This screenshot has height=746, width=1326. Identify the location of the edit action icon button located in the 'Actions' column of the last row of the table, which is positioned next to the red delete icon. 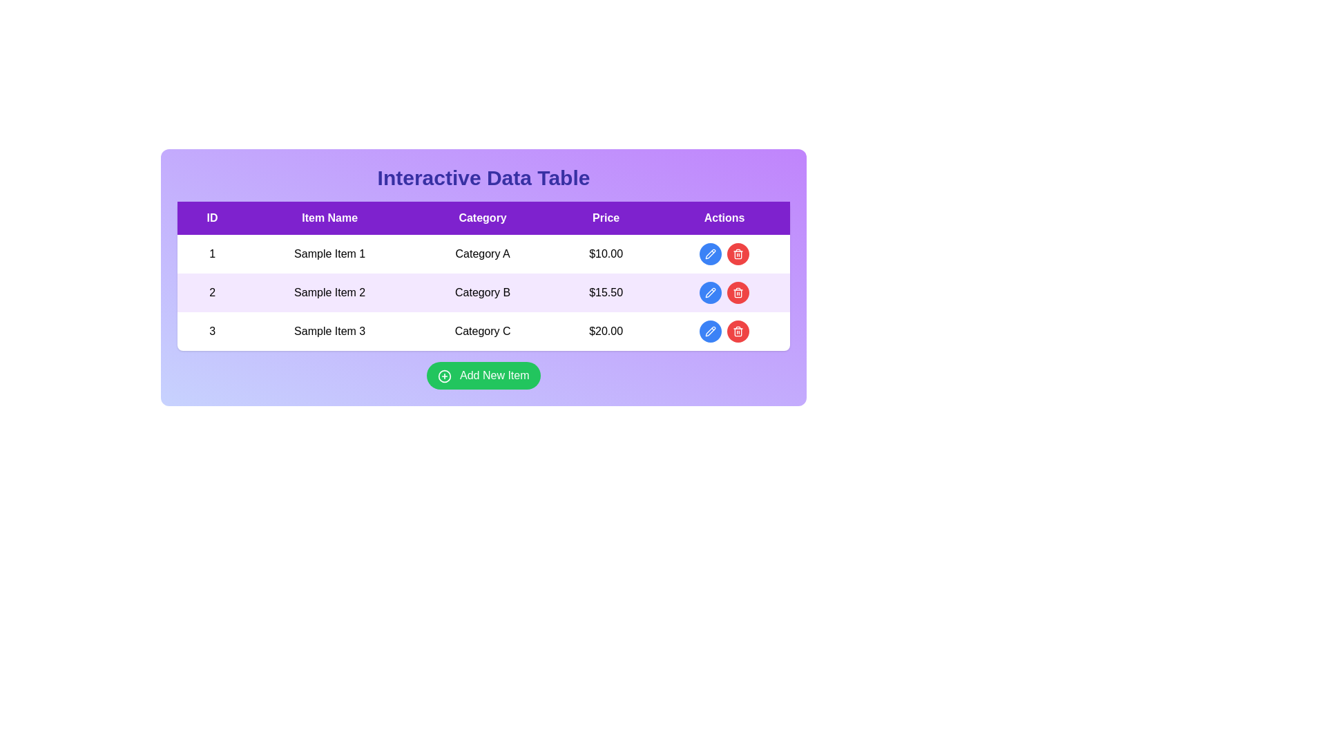
(711, 331).